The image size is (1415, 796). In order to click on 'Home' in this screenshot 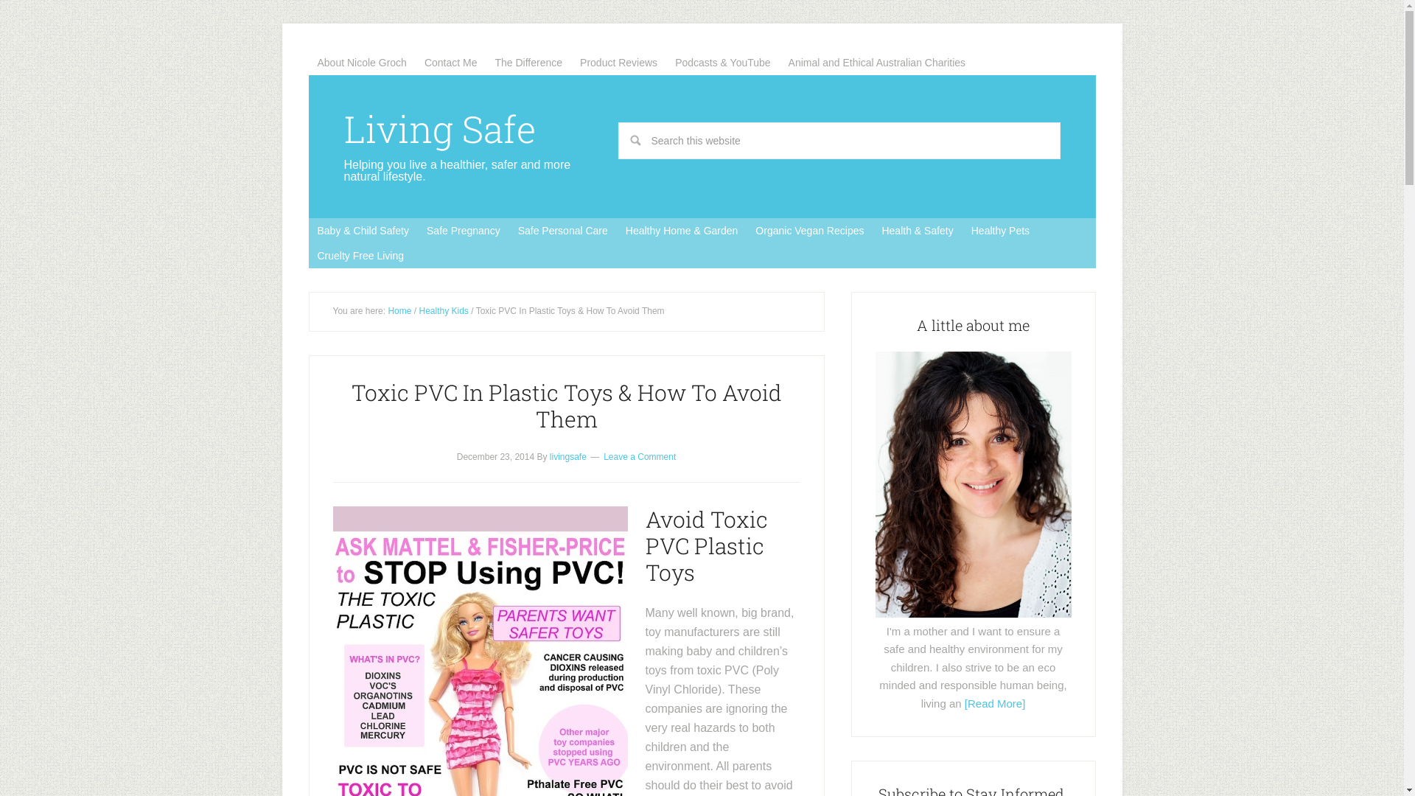, I will do `click(388, 310)`.